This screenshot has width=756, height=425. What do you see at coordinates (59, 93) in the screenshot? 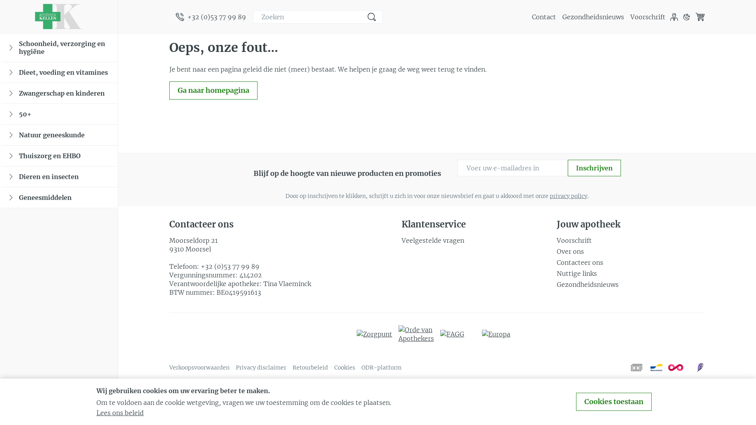
I see `'Zwangerschap en kinderen'` at bounding box center [59, 93].